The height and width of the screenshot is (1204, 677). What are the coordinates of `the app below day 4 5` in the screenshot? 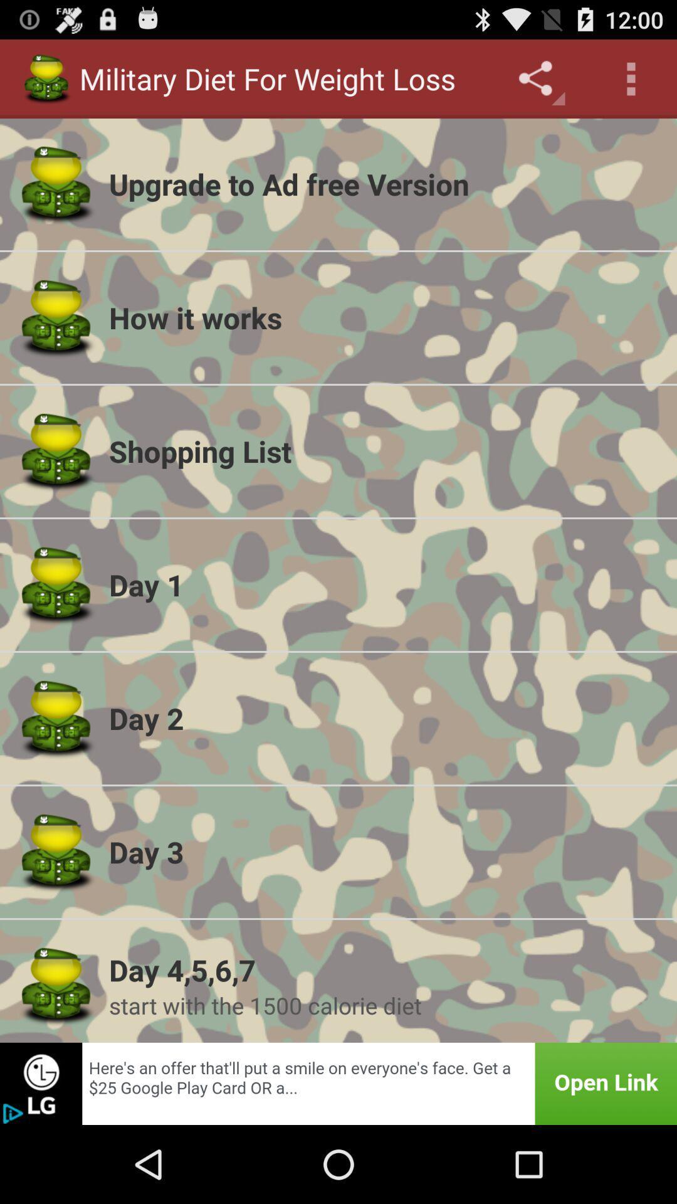 It's located at (384, 1005).